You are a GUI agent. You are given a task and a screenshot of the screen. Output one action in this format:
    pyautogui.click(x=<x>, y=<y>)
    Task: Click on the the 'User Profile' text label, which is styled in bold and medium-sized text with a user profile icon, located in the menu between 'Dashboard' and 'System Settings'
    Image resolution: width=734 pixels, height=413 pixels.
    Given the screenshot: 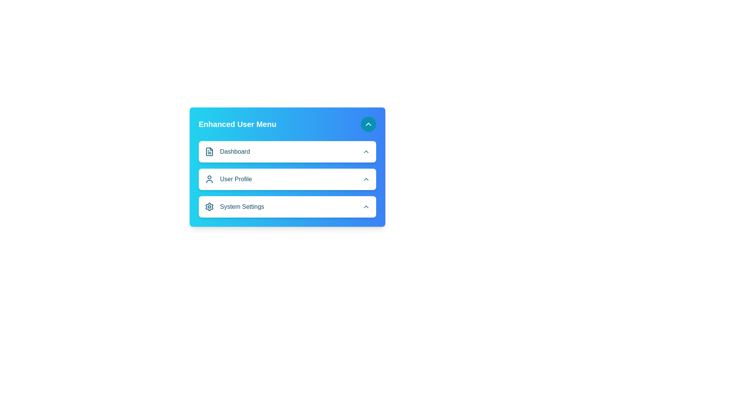 What is the action you would take?
    pyautogui.click(x=227, y=179)
    